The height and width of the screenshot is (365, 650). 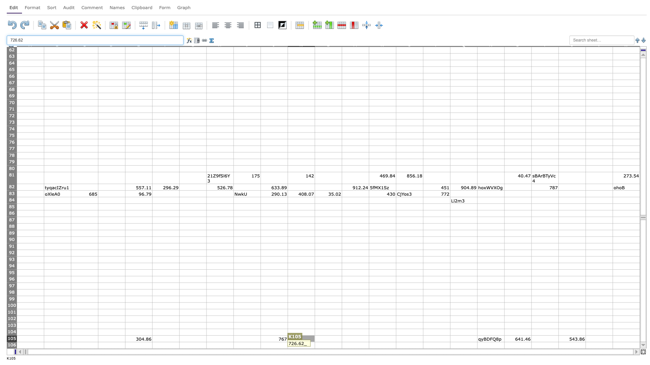 I want to click on Right side of cell L106, so click(x=342, y=345).